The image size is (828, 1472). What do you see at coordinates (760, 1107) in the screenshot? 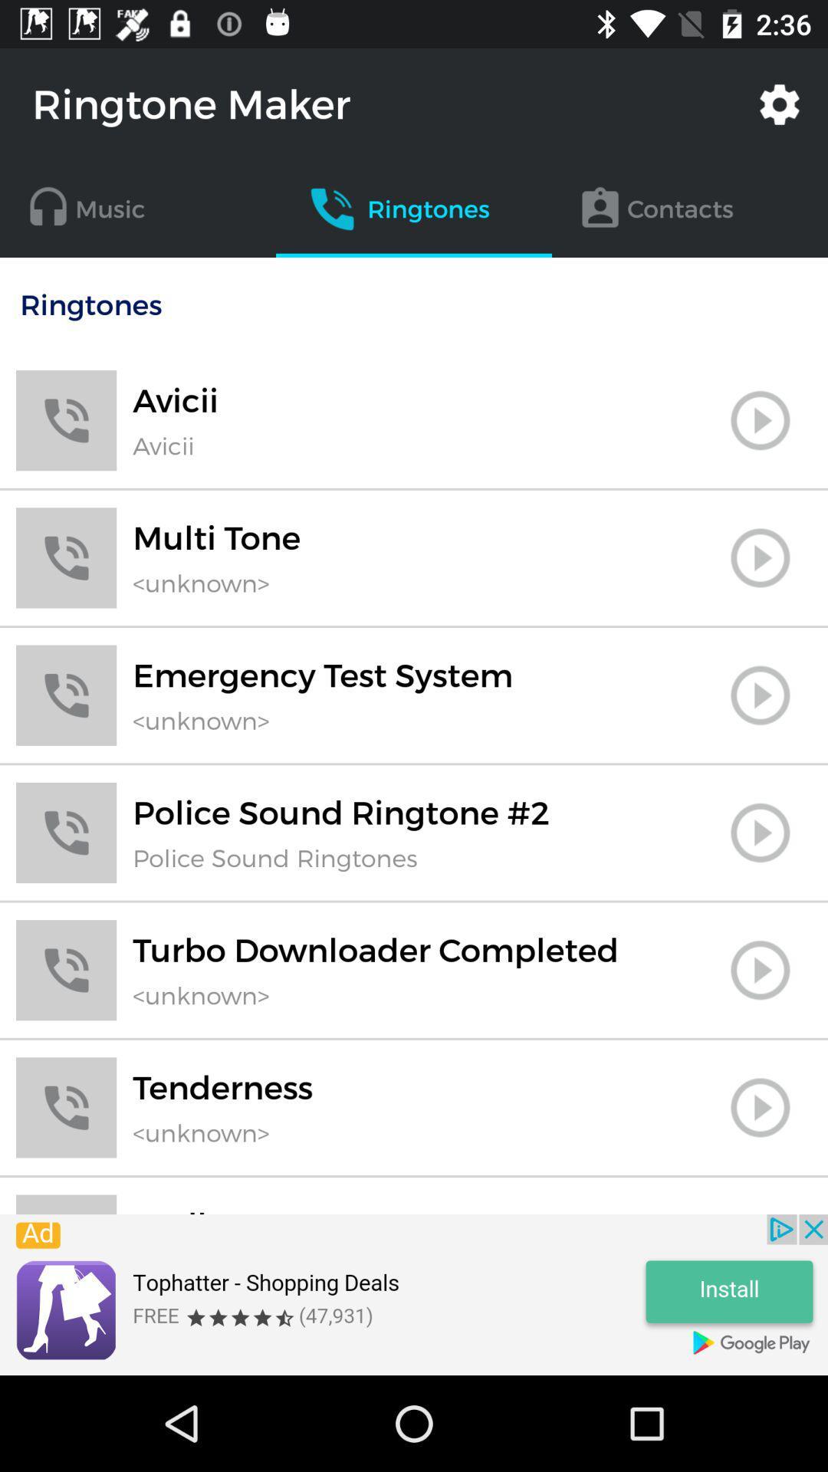
I see `play` at bounding box center [760, 1107].